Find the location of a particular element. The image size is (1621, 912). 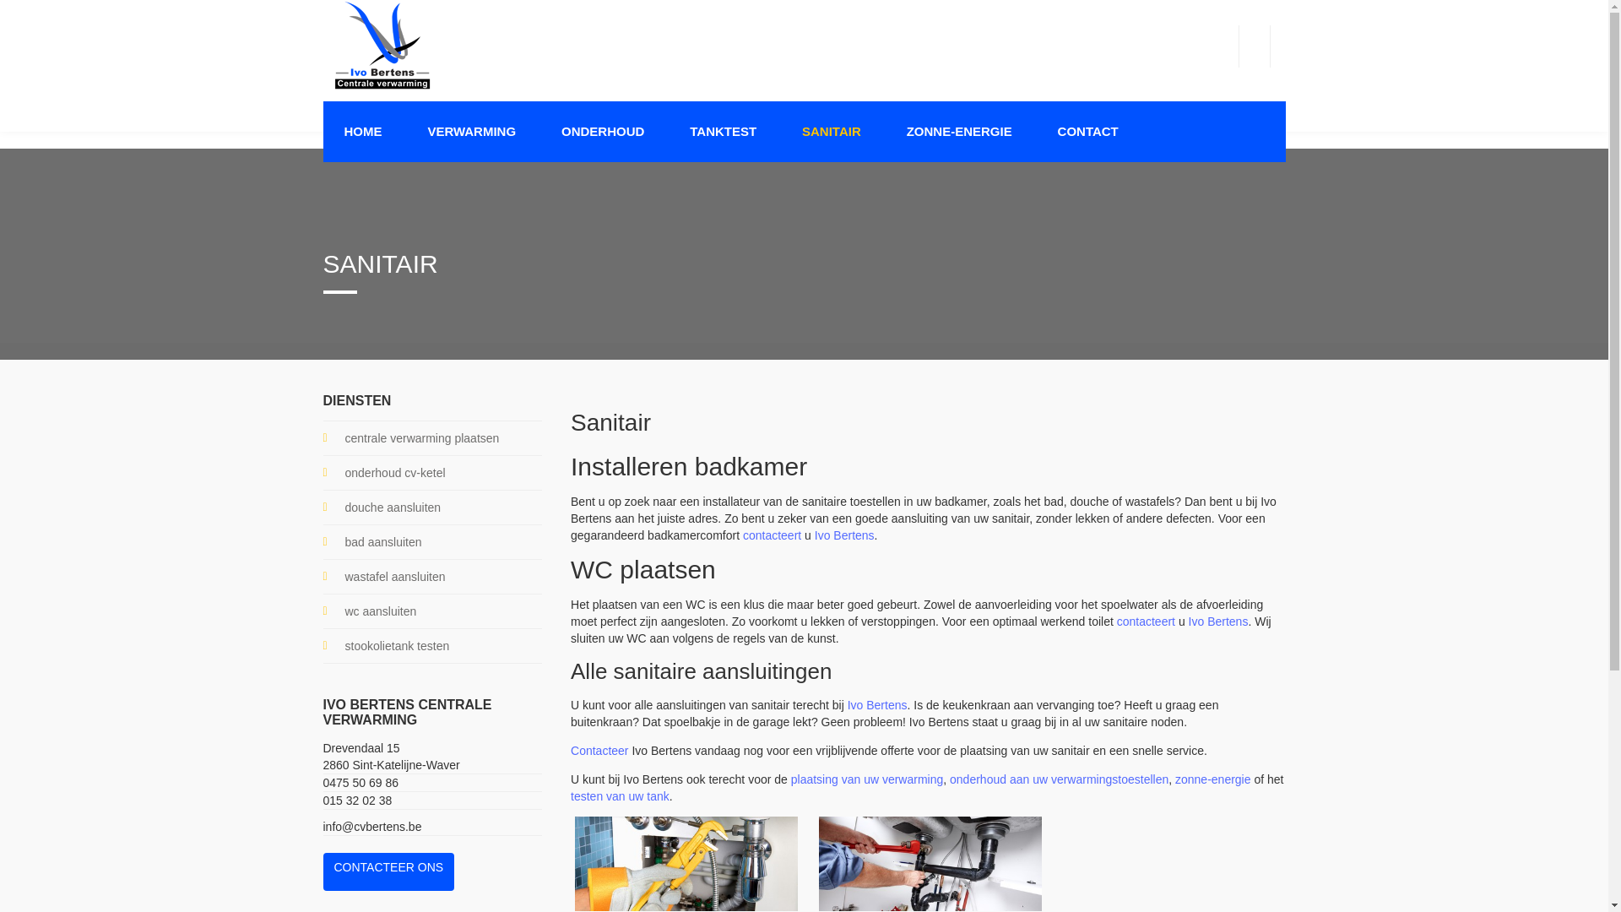

'zonne-energie' is located at coordinates (1212, 778).